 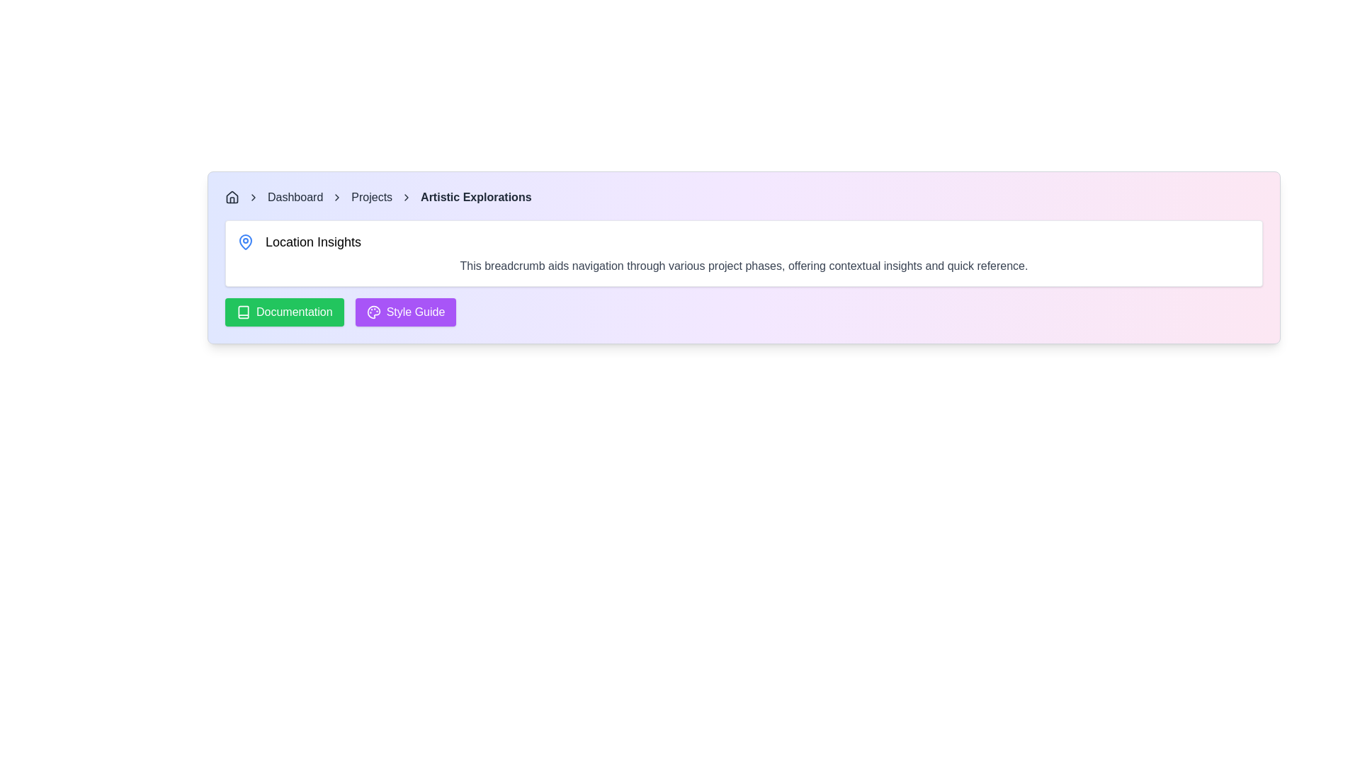 I want to click on the 'Location Insights' text label, which is positioned centrally in the horizontal bar and to the right of a location pin icon, so click(x=312, y=242).